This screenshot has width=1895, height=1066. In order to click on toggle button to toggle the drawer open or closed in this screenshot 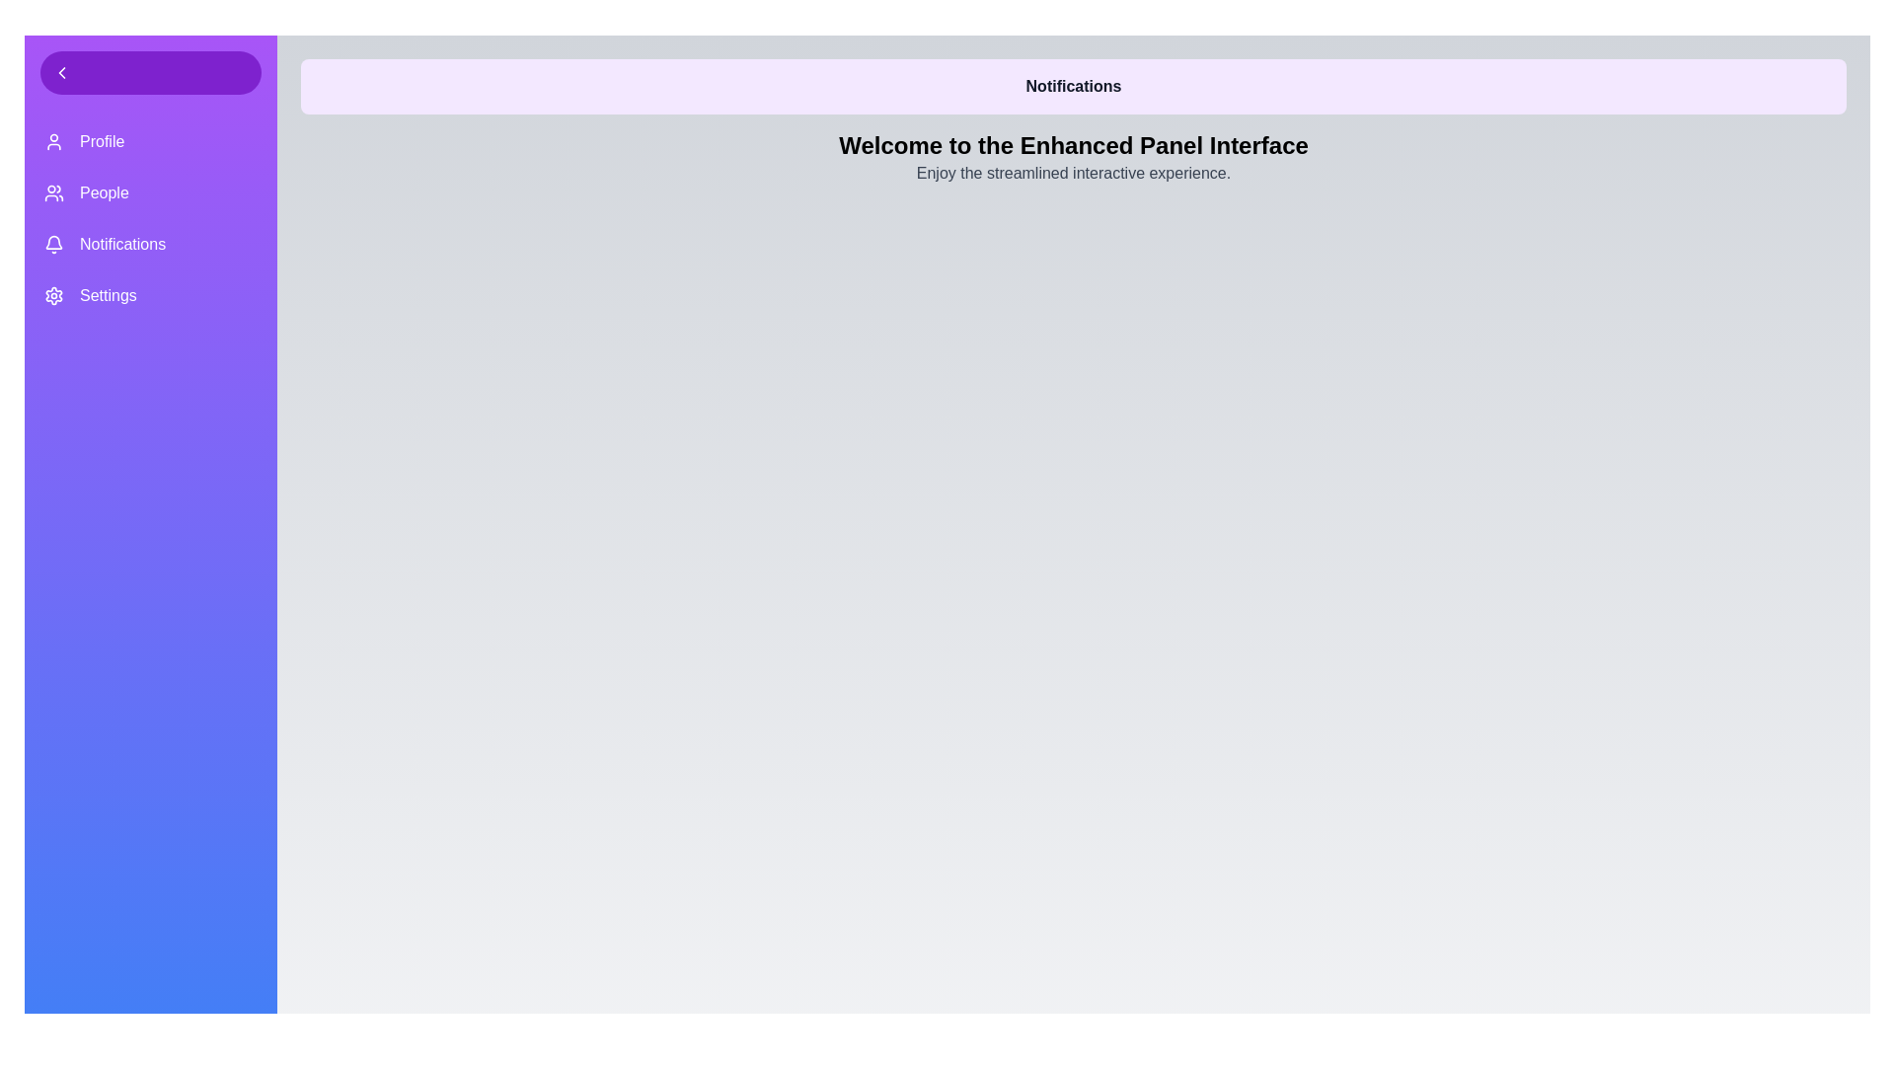, I will do `click(150, 71)`.